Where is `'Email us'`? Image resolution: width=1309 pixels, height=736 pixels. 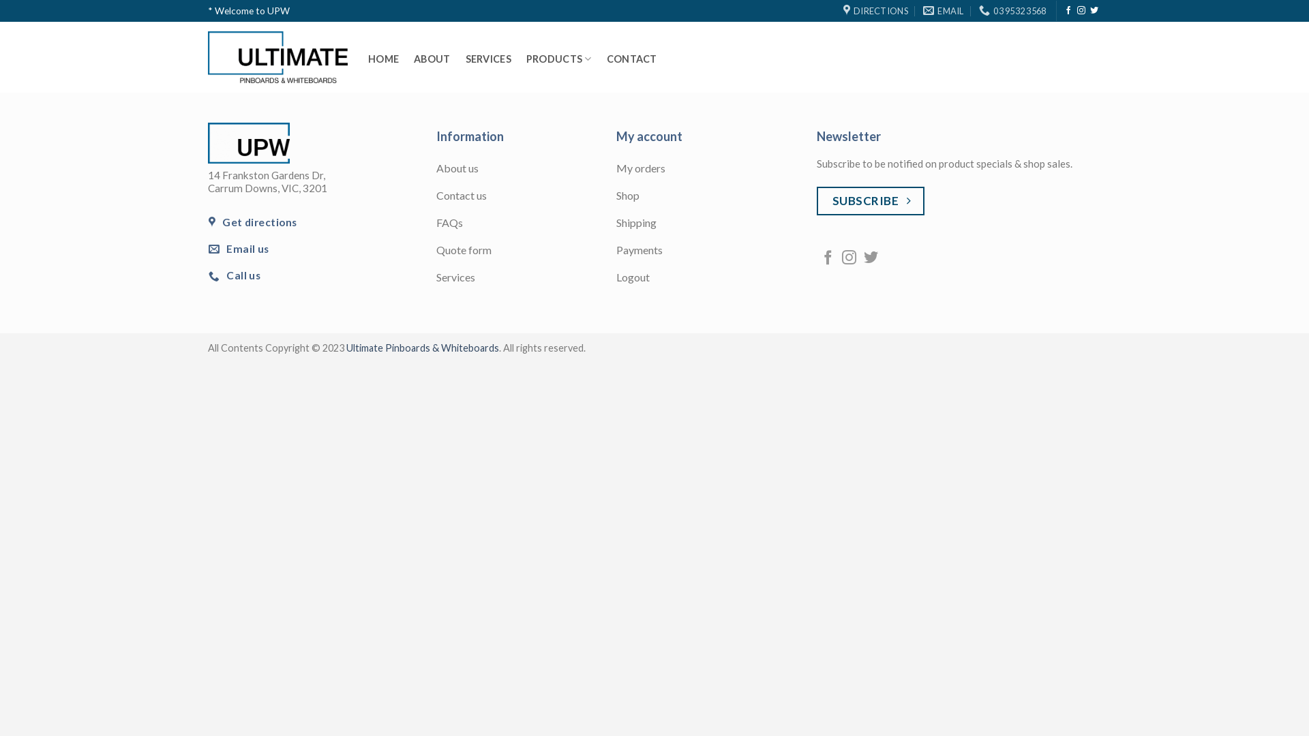
'Email us' is located at coordinates (207, 249).